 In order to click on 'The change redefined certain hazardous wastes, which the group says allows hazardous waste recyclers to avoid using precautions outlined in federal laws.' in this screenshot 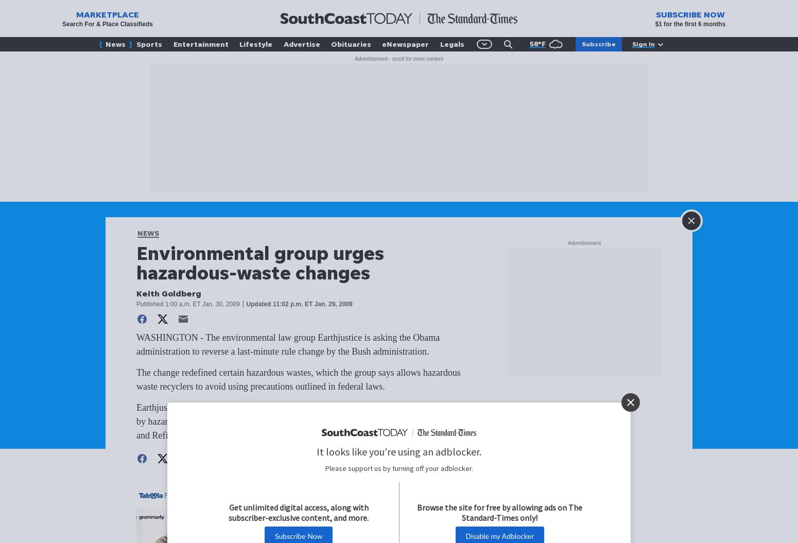, I will do `click(298, 379)`.